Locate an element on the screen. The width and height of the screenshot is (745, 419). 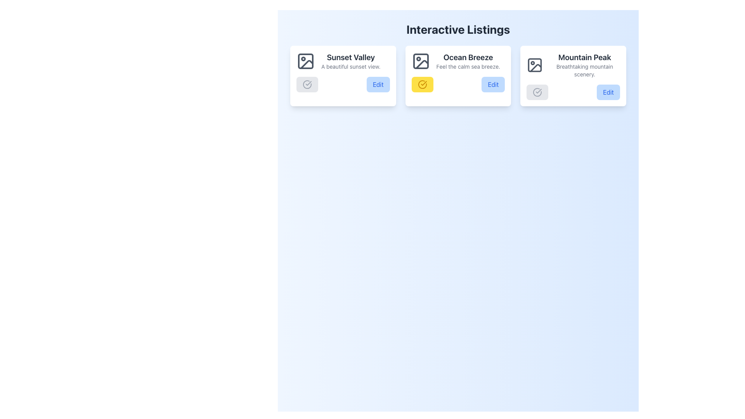
the decorative visual element within the 'Mountain Peak' card, which is the third card in the horizontal row of interactive listings is located at coordinates (534, 65).